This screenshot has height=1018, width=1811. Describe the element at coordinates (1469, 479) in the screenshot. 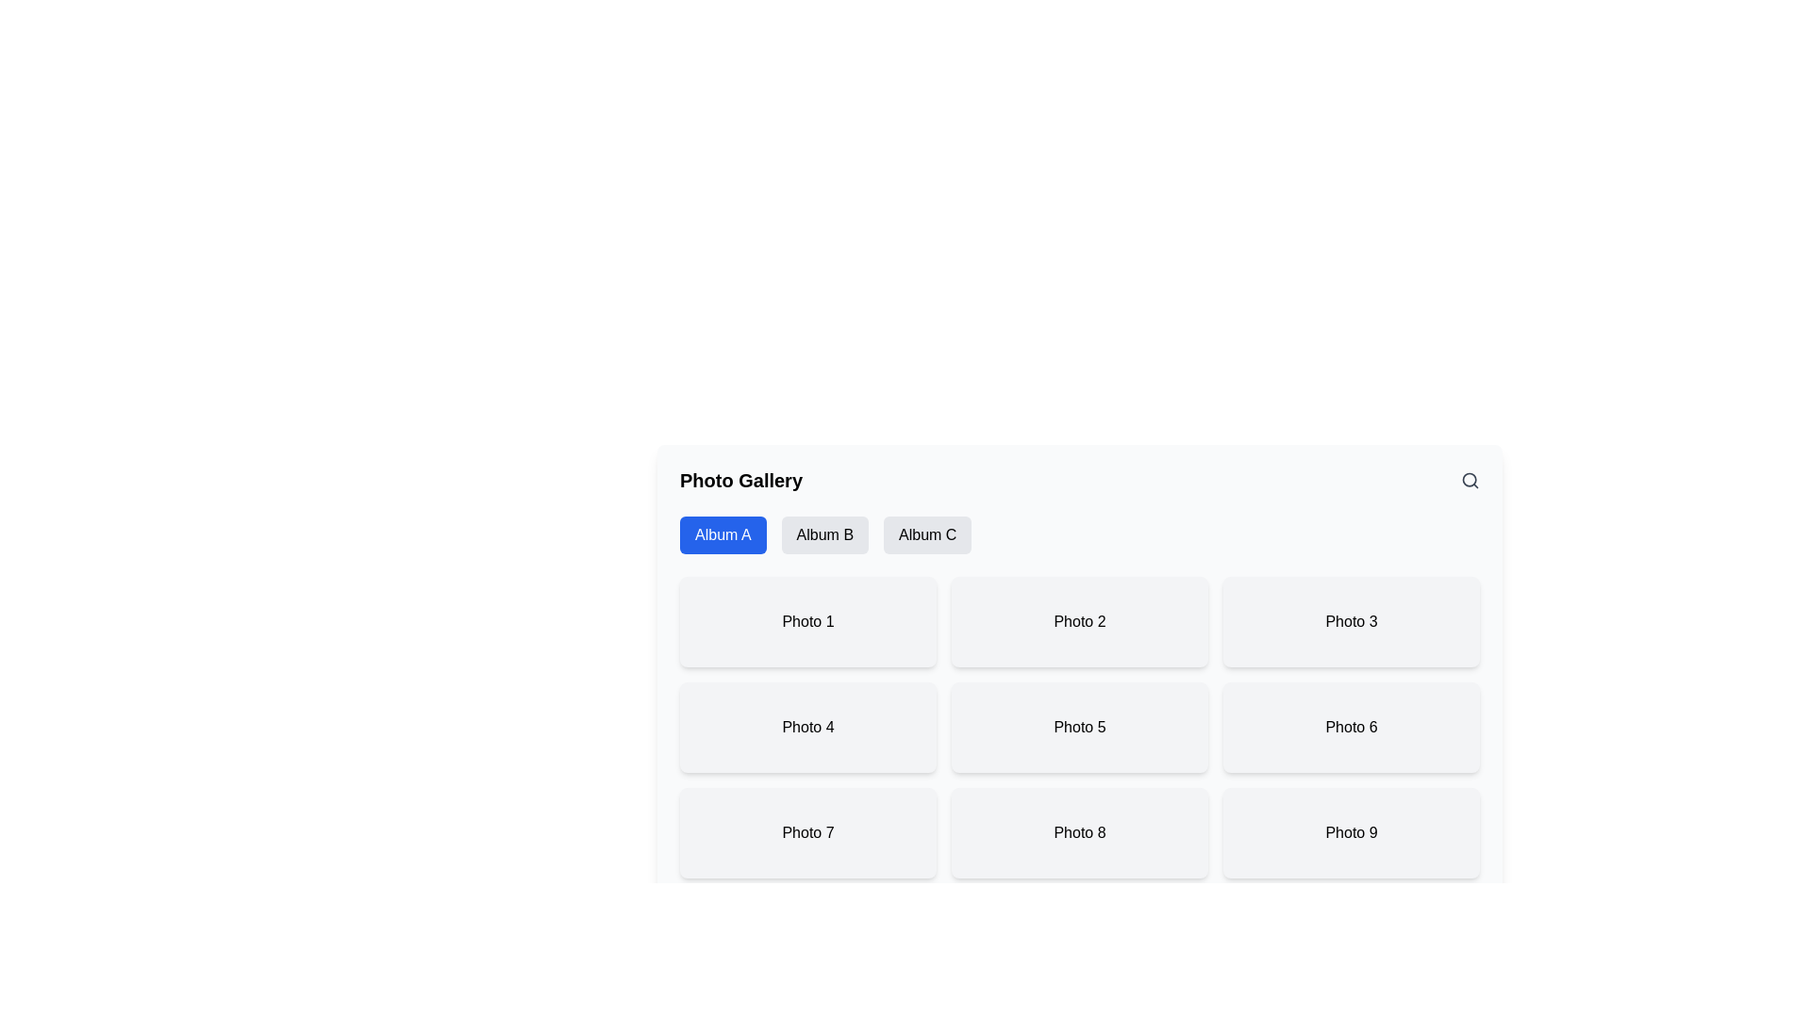

I see `the smaller circular component within the search icon located at the top-right corner of the interface` at that location.